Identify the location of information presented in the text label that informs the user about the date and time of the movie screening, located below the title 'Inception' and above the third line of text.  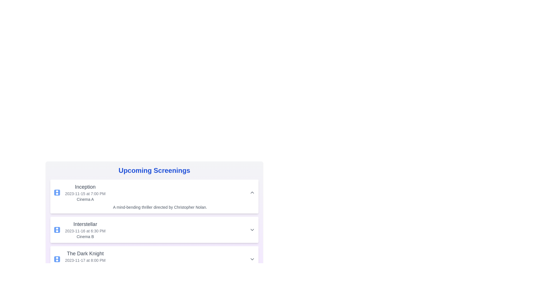
(85, 193).